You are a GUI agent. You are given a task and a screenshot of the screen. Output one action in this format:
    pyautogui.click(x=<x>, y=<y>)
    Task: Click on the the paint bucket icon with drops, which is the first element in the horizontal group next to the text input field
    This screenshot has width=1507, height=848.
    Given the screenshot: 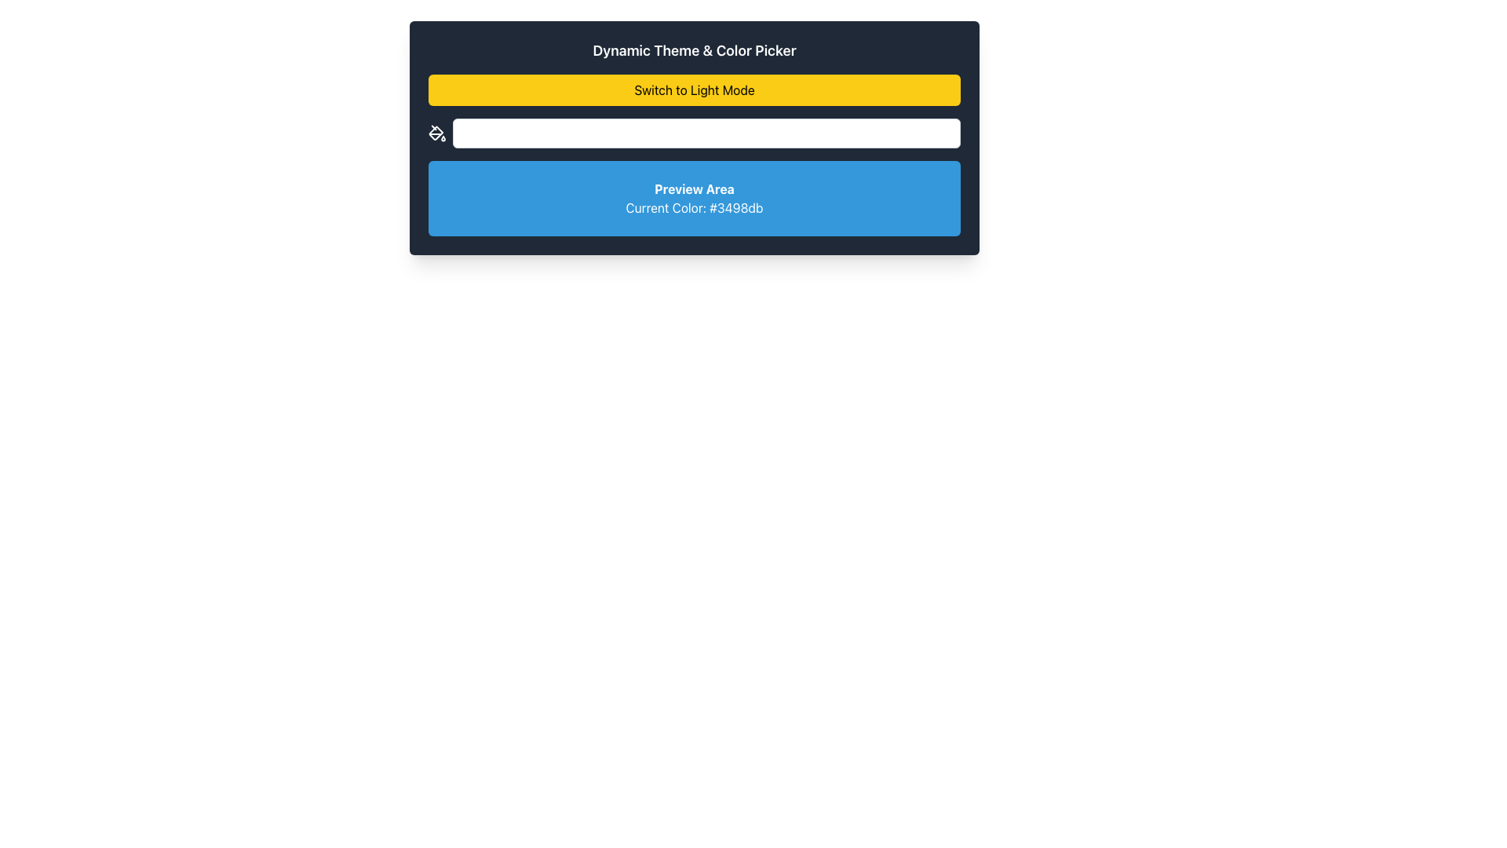 What is the action you would take?
    pyautogui.click(x=437, y=132)
    